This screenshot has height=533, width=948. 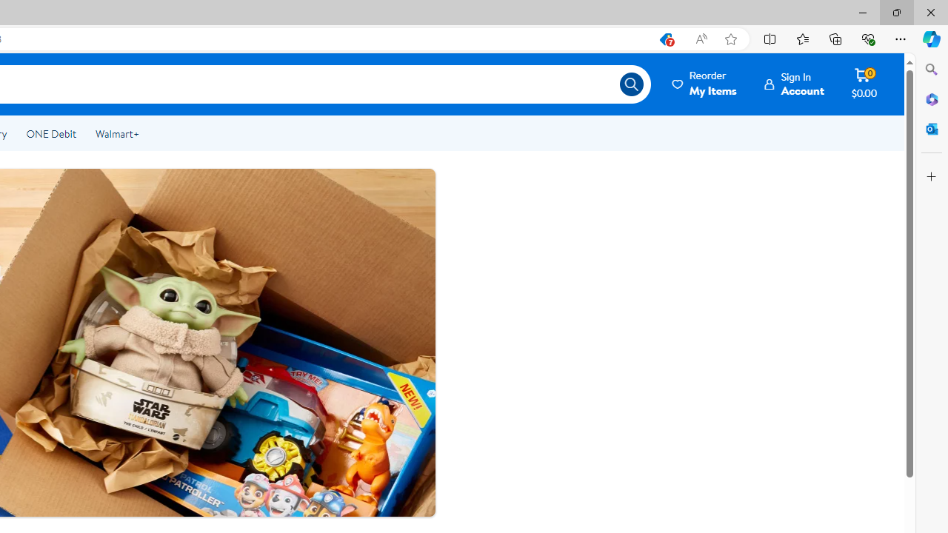 What do you see at coordinates (664, 38) in the screenshot?
I see `'This site has coupons! Shopping in Microsoft Edge, 7'` at bounding box center [664, 38].